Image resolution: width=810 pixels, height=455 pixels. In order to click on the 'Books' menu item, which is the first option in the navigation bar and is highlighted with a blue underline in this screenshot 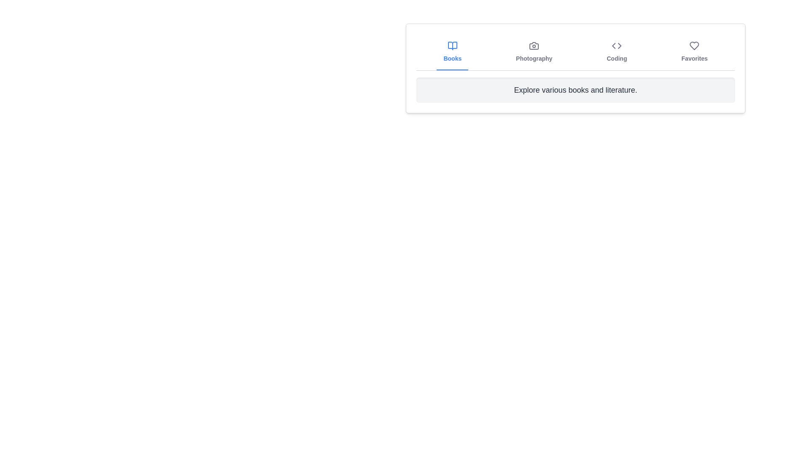, I will do `click(452, 52)`.